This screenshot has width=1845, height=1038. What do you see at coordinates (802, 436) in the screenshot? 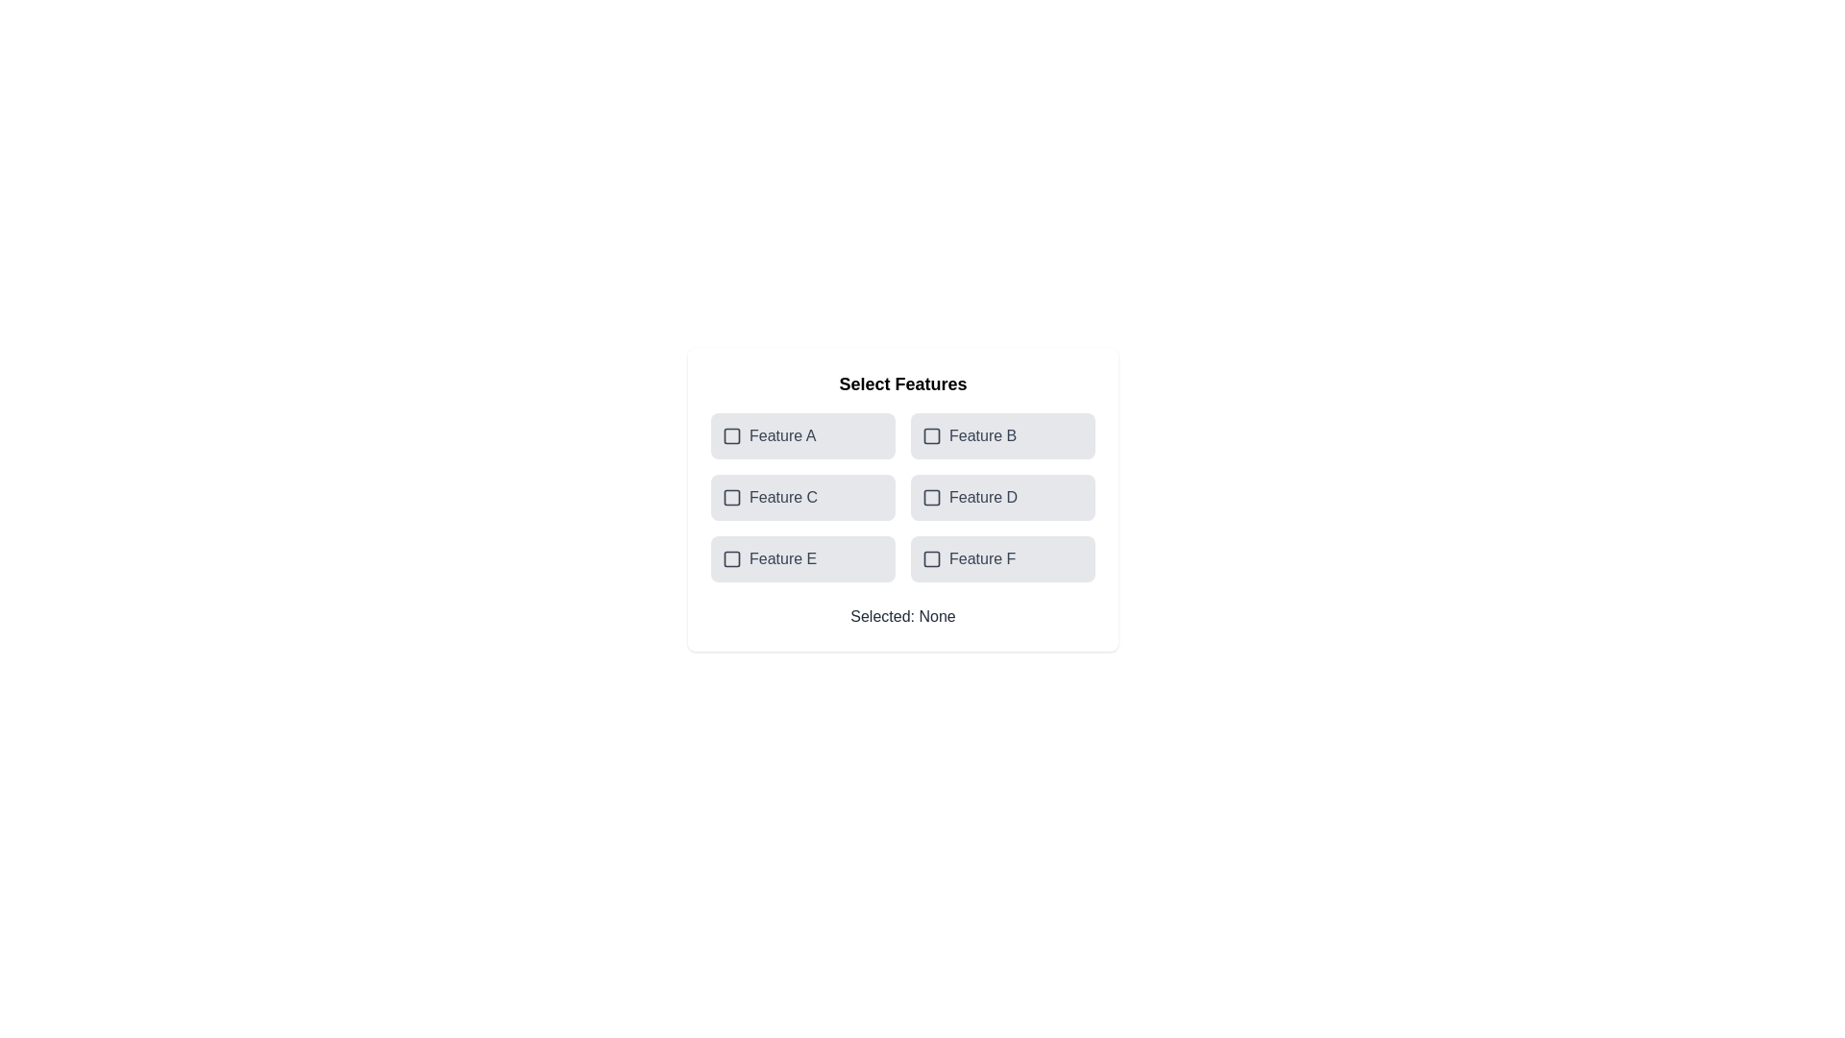
I see `the interactive selector button for 'Feature A'` at bounding box center [802, 436].